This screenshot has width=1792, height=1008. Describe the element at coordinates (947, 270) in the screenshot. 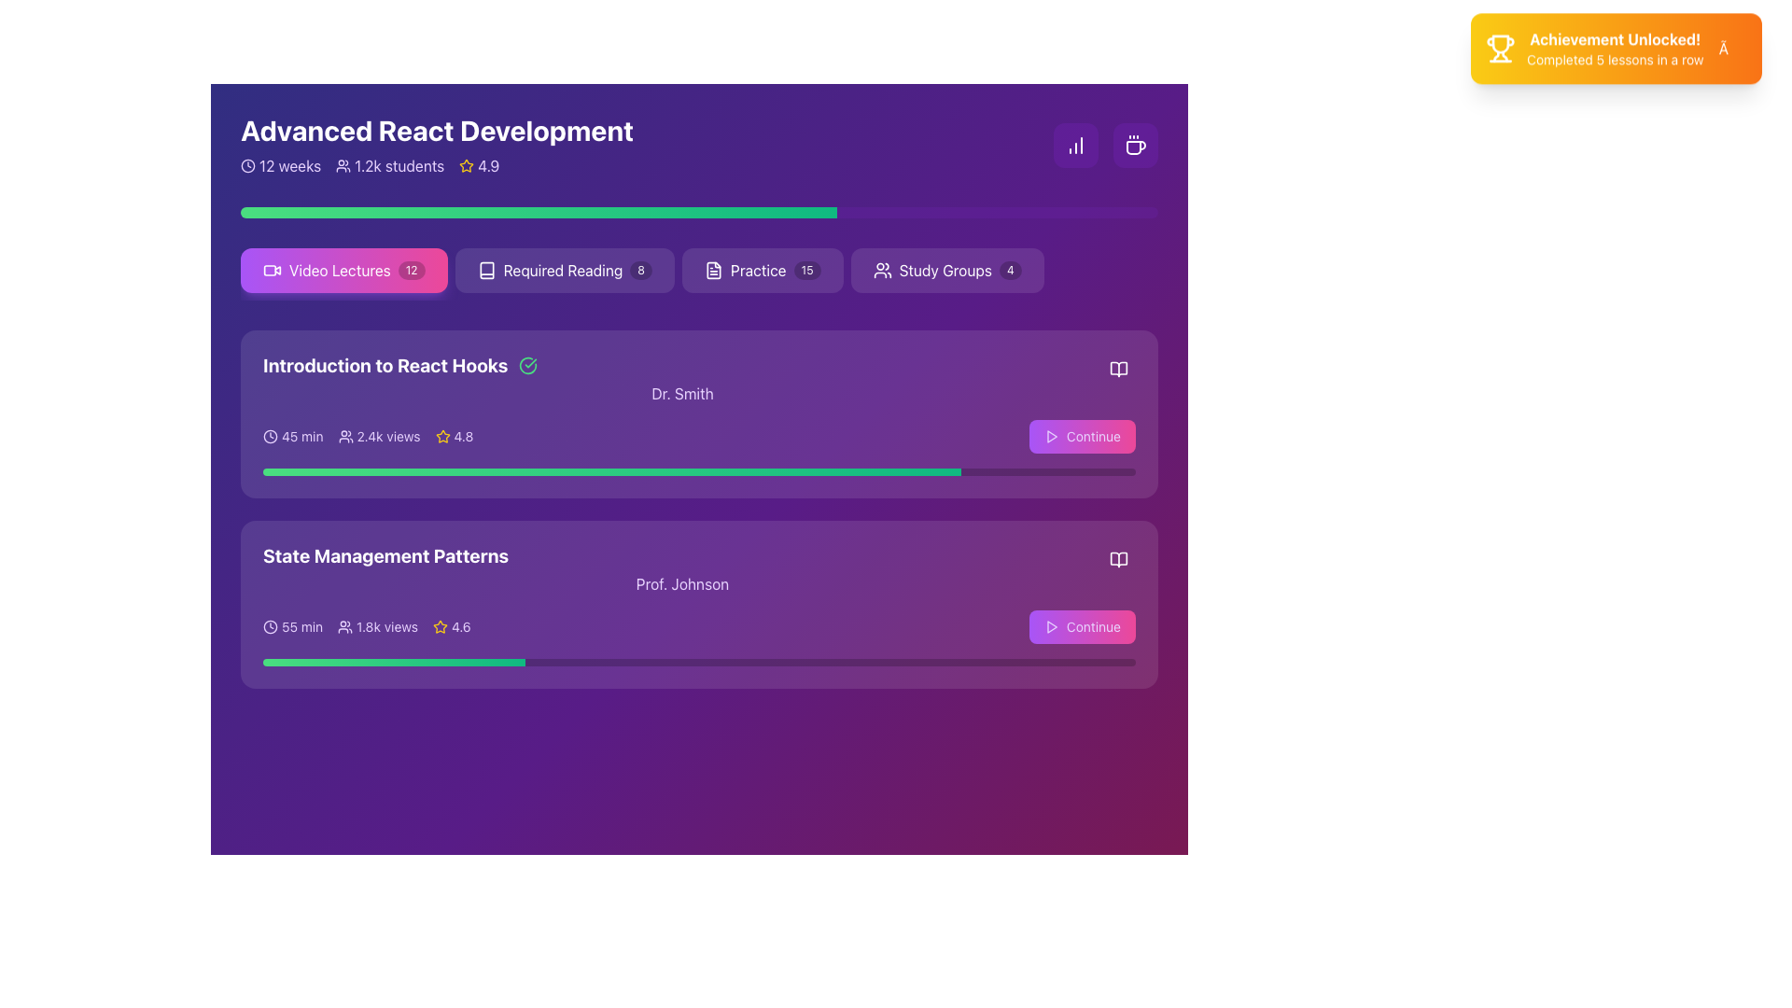

I see `the 'Study Groups' button, which is a rounded rectangular button with a purple background and a white border, located immediately after the 'Practice' button in a horizontal row` at that location.